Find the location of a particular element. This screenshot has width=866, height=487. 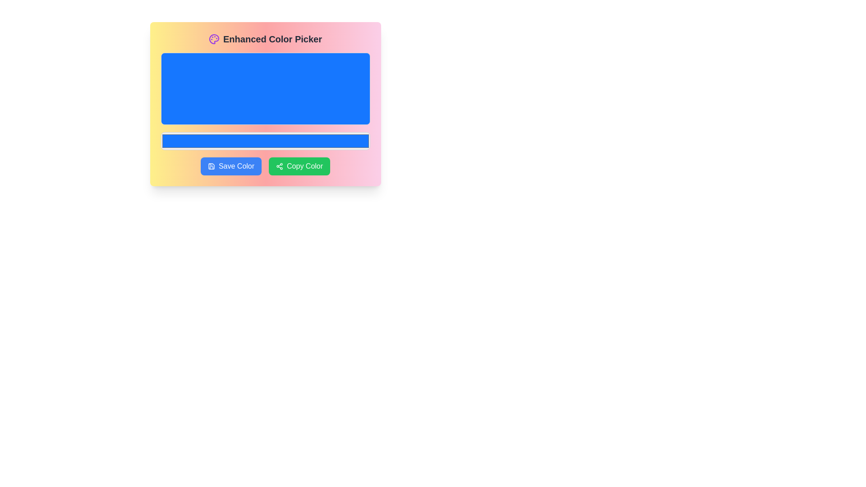

the save action icon, which is a small graphical representation of a floppy disk, located inside the 'Save Color' button at the specified coordinates is located at coordinates (211, 166).